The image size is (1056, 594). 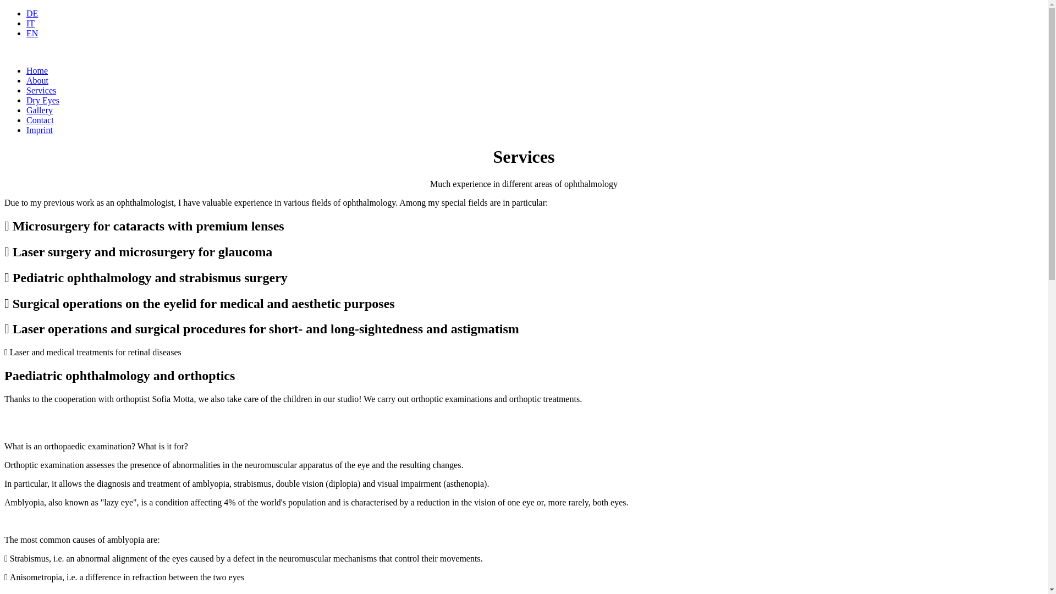 I want to click on 'EN', so click(x=32, y=32).